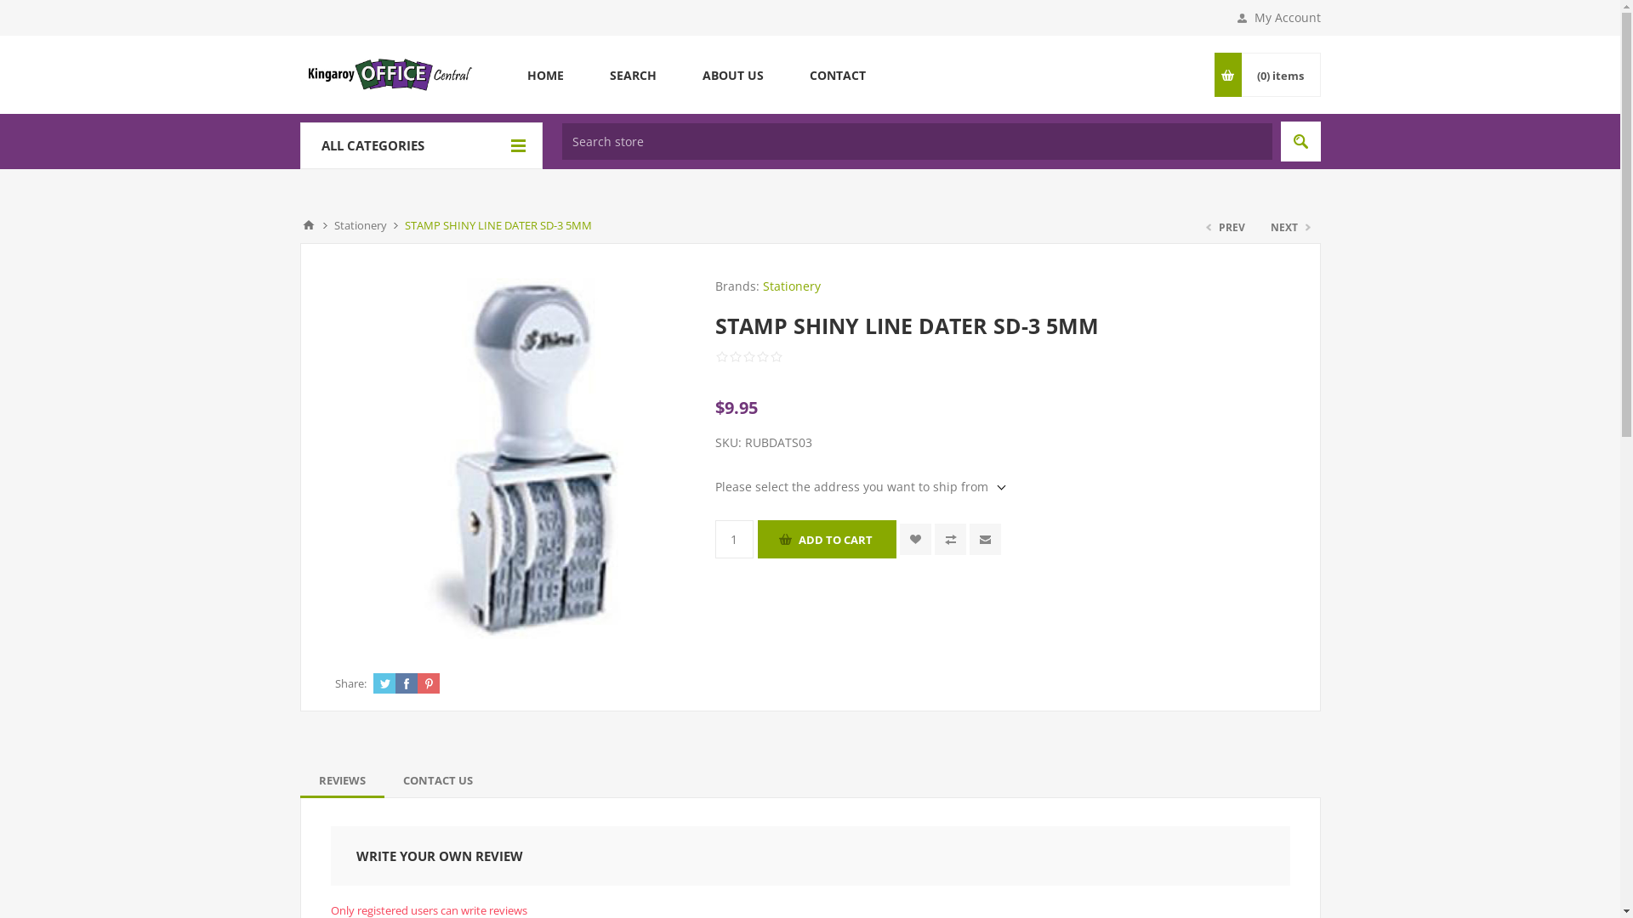  What do you see at coordinates (836, 74) in the screenshot?
I see `'CONTACT'` at bounding box center [836, 74].